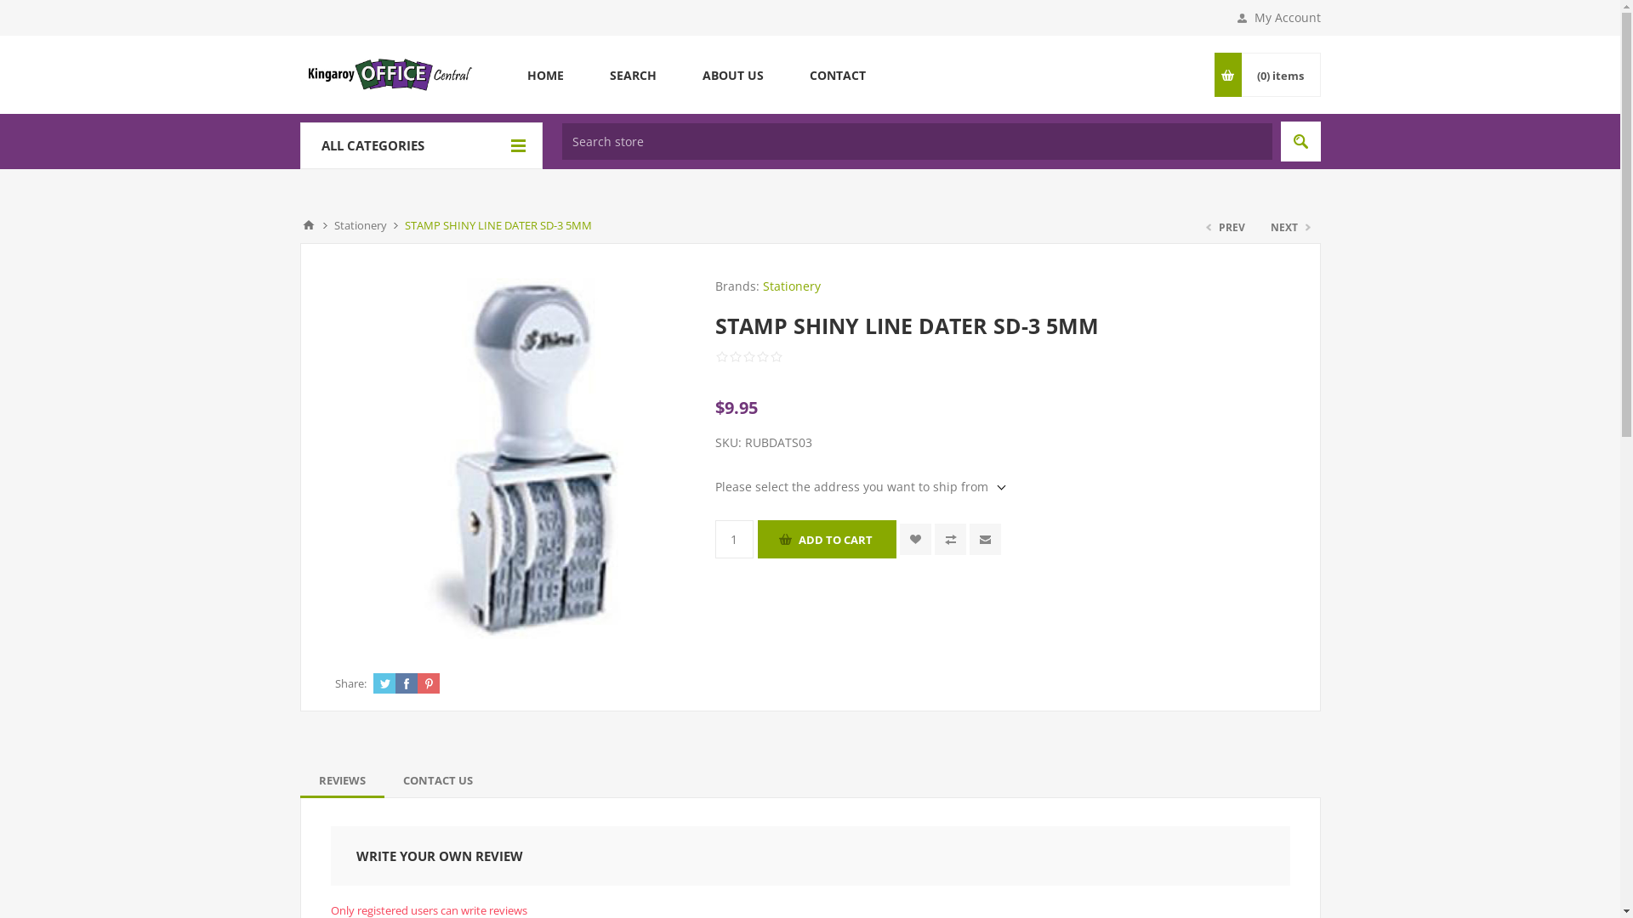  What do you see at coordinates (836, 74) in the screenshot?
I see `'CONTACT'` at bounding box center [836, 74].